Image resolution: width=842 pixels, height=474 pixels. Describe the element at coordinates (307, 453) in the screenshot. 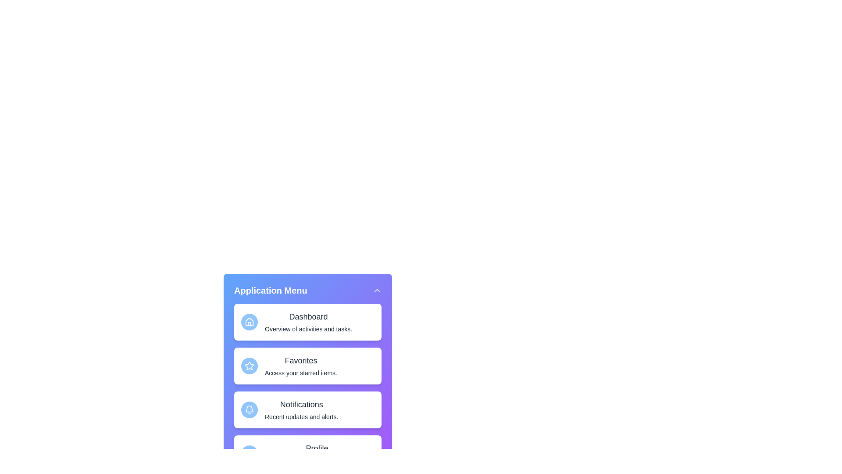

I see `the menu item Profile from the sidebar menu` at that location.